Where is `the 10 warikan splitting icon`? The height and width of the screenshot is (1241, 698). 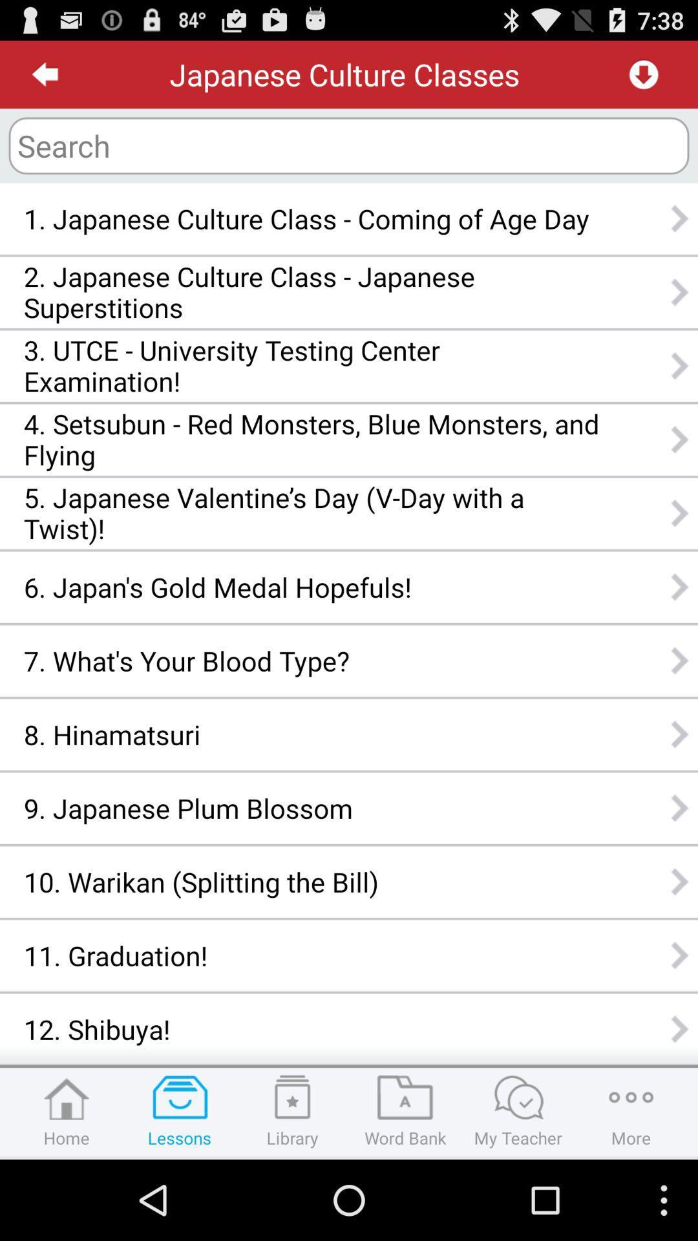
the 10 warikan splitting icon is located at coordinates (312, 881).